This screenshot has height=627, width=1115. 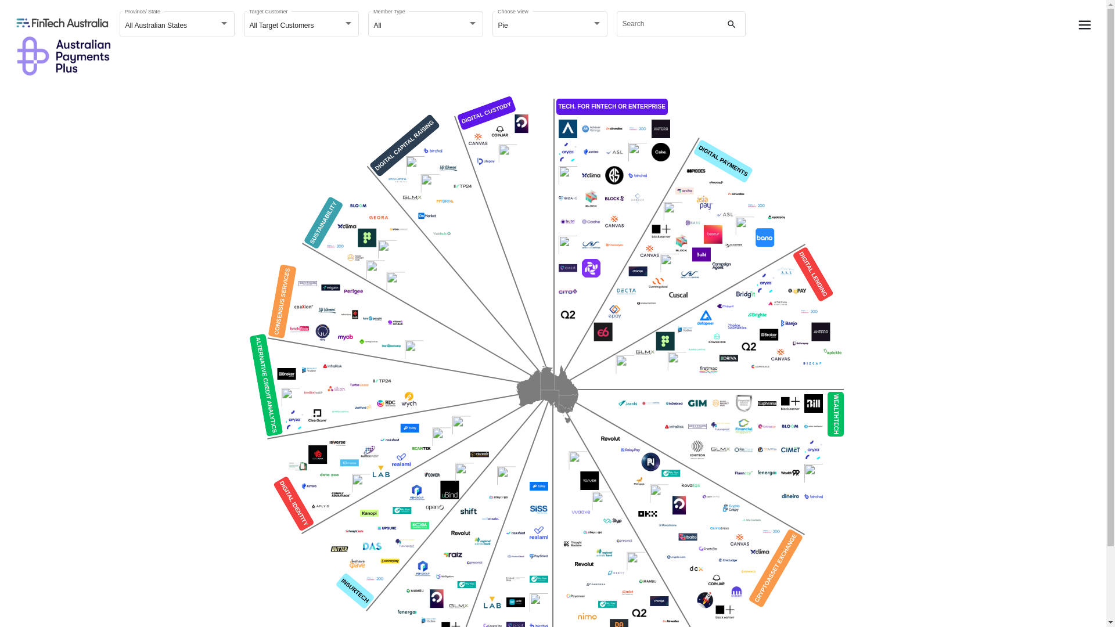 What do you see at coordinates (625, 290) in the screenshot?
I see `'Decta Limited'` at bounding box center [625, 290].